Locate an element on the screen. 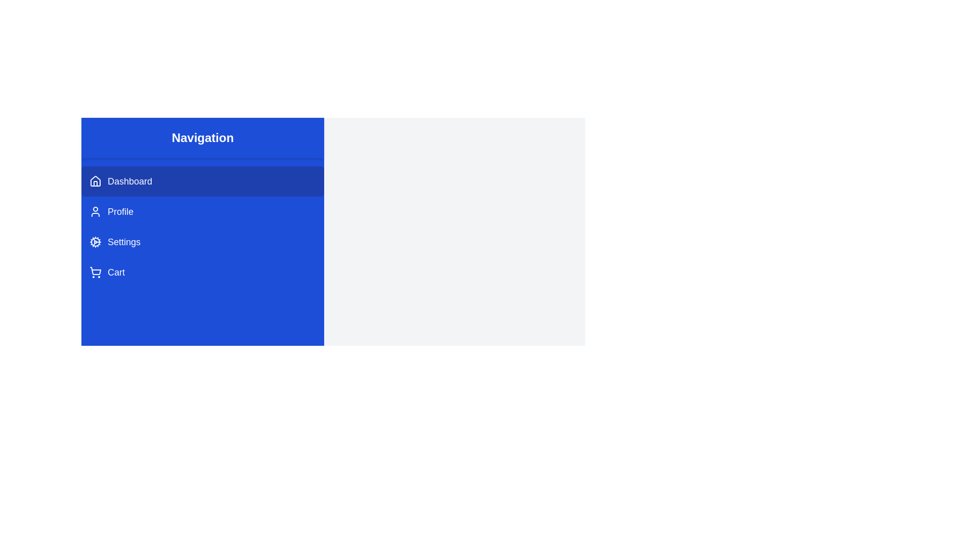 The width and height of the screenshot is (971, 546). the header element at the top of the sidebar which serves as the title for the section containing links like 'Dashboard', 'Profile', 'Settings', and 'Cart' is located at coordinates (202, 138).